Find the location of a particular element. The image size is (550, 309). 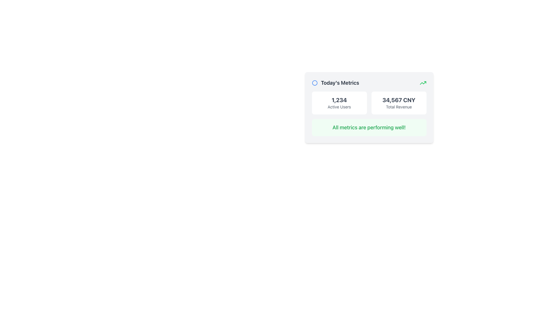

informational message from the text label located centrally within the light green rounded rectangular box below '1,234 Active Users' and '34,567 CNY Total Revenue' in the 'Today's Metrics' card is located at coordinates (369, 127).